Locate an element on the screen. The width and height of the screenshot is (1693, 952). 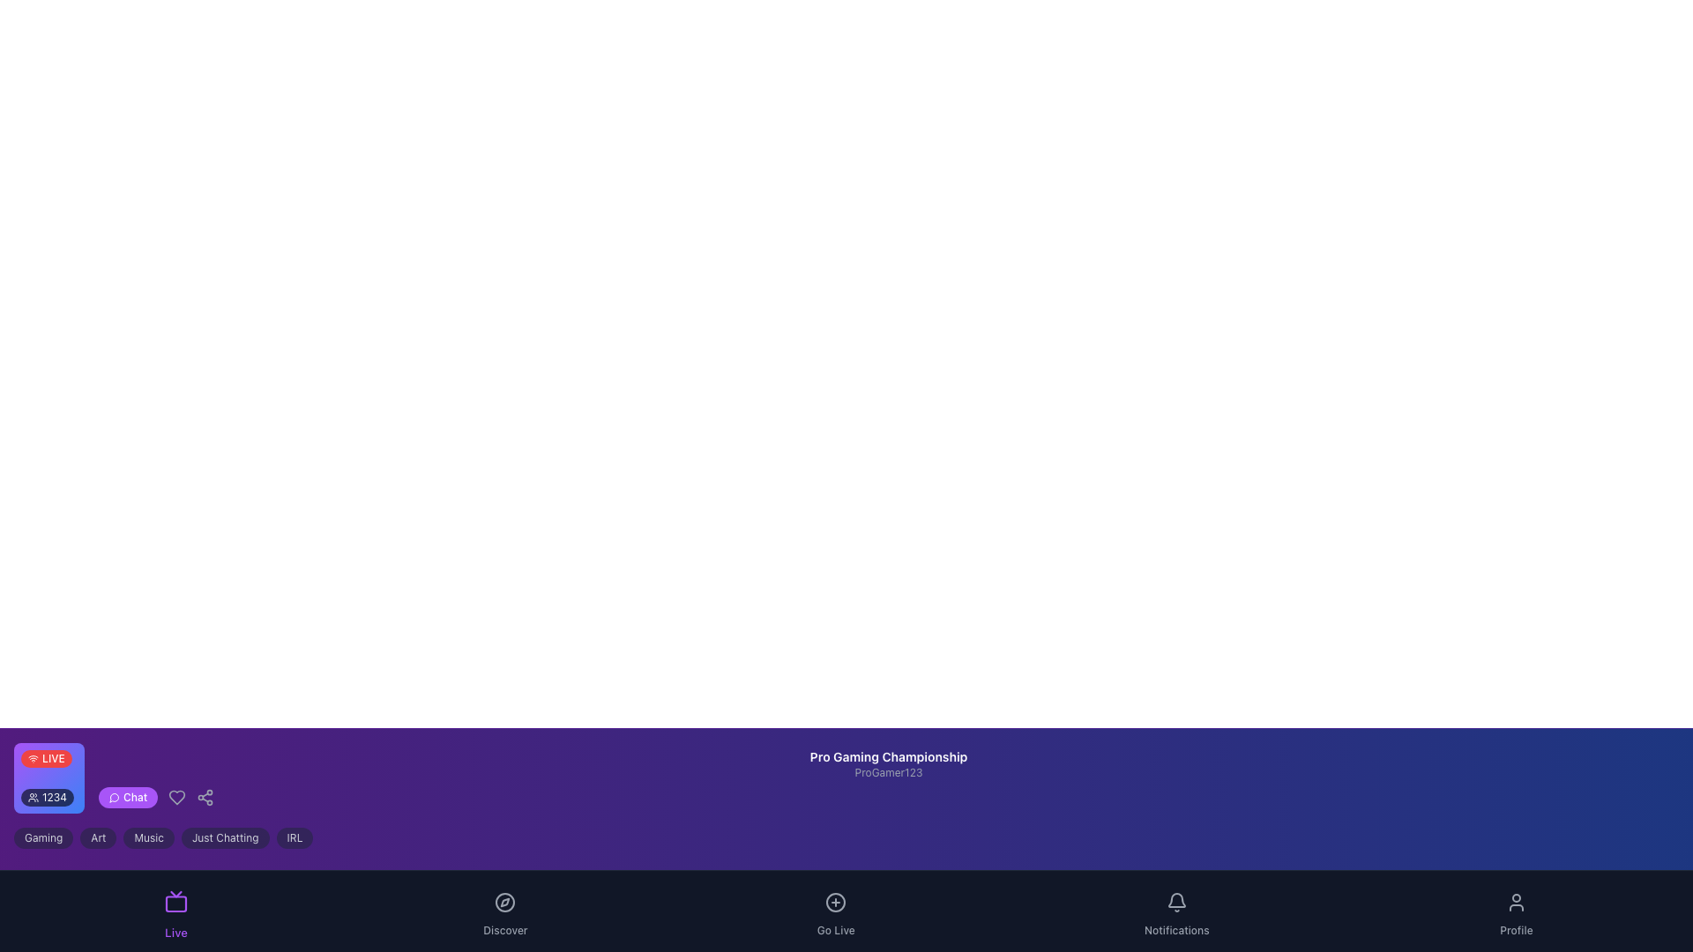
the 'Profile' icon located in the bottom navigation bar is located at coordinates (1515, 902).